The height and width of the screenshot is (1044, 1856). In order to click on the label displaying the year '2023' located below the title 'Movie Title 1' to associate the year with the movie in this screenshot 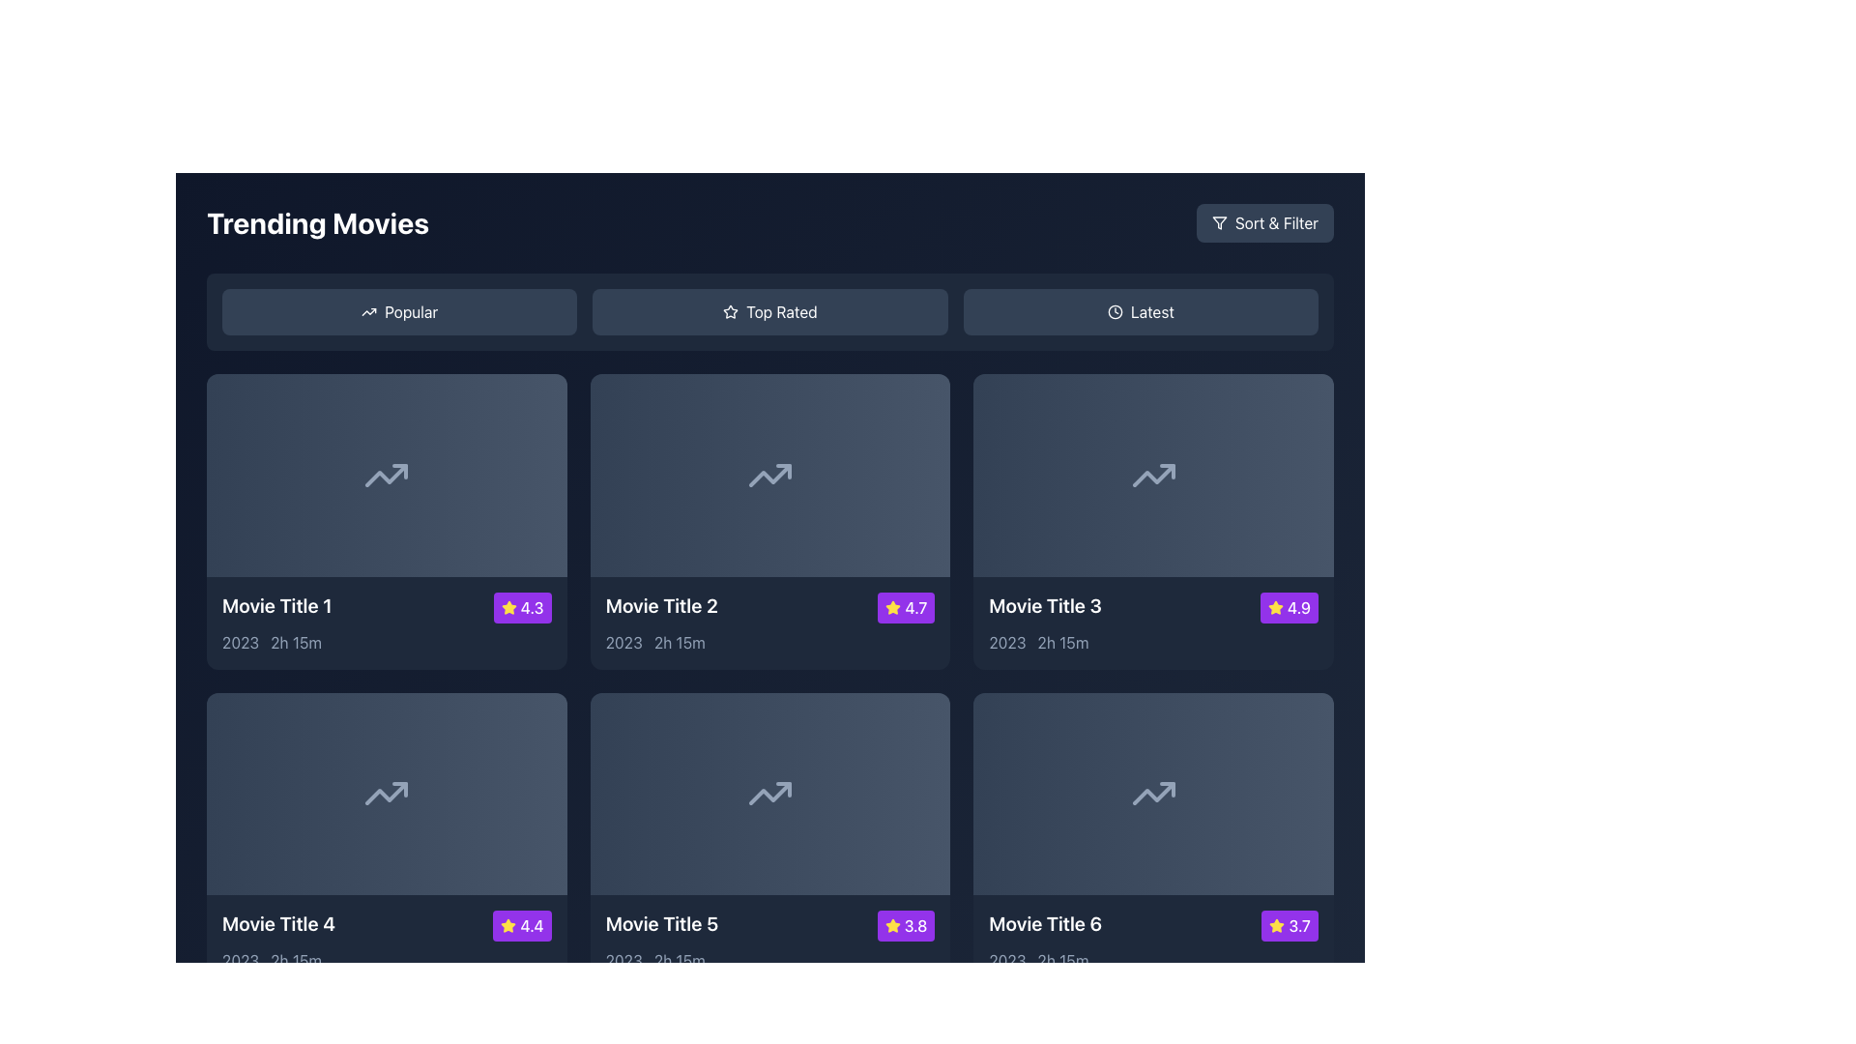, I will do `click(240, 642)`.